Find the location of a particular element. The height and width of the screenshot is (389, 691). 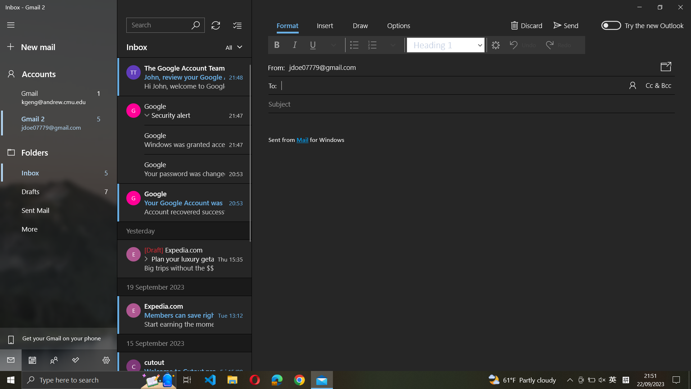

emails from the account "kgeng@andrew.cmu.edu is located at coordinates (232, 47).